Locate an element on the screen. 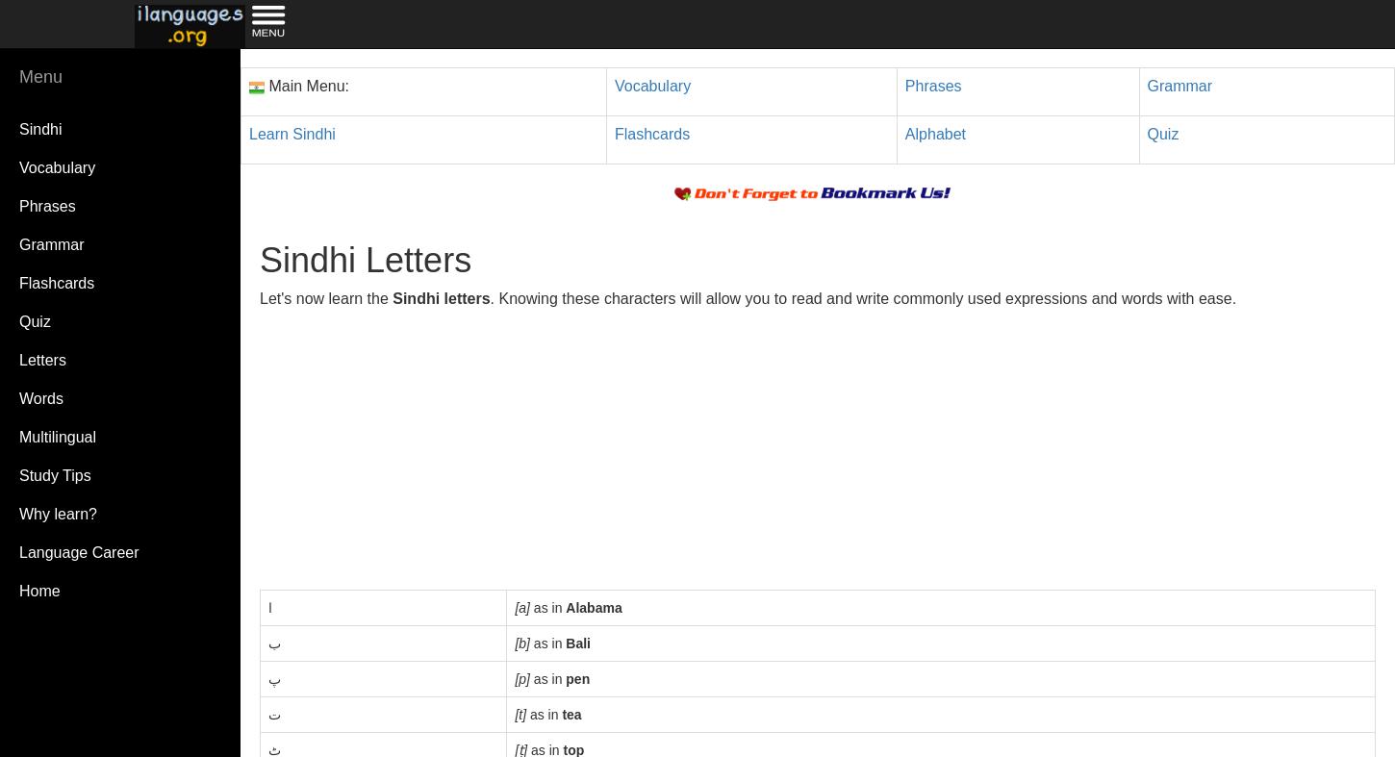 This screenshot has height=757, width=1395. 'Sindhi' is located at coordinates (40, 129).